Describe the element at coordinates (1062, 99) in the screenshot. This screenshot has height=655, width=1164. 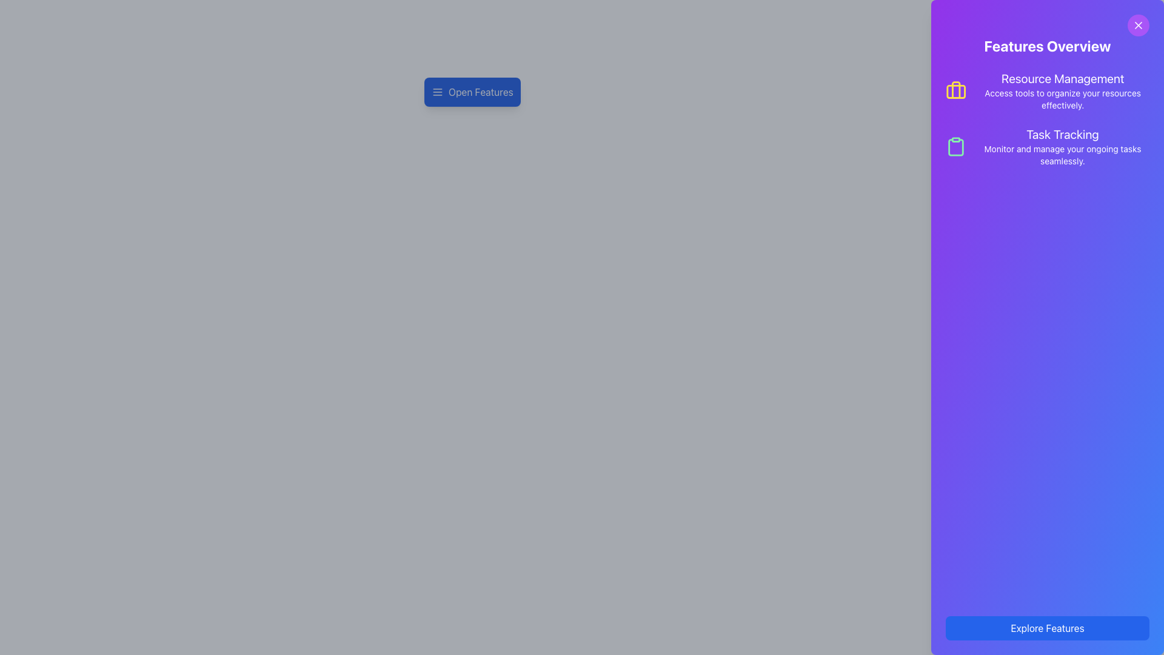
I see `the non-interactive text label providing context for the 'Resource Management' feature located in the 'Features Overview' section, positioned beneath the title 'Resource Management'` at that location.